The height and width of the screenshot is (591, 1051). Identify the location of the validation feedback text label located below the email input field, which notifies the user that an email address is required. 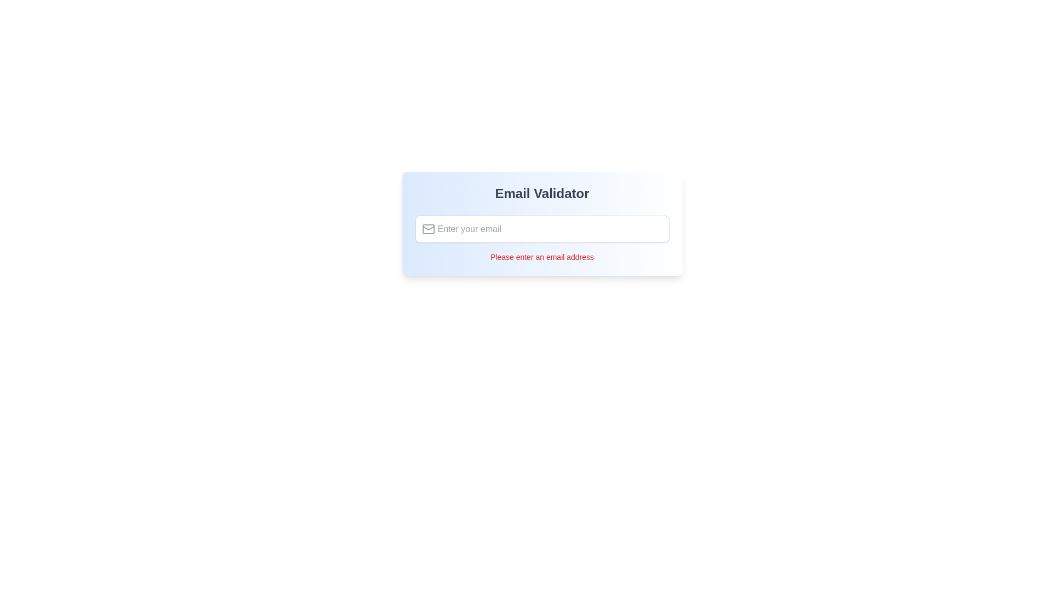
(542, 257).